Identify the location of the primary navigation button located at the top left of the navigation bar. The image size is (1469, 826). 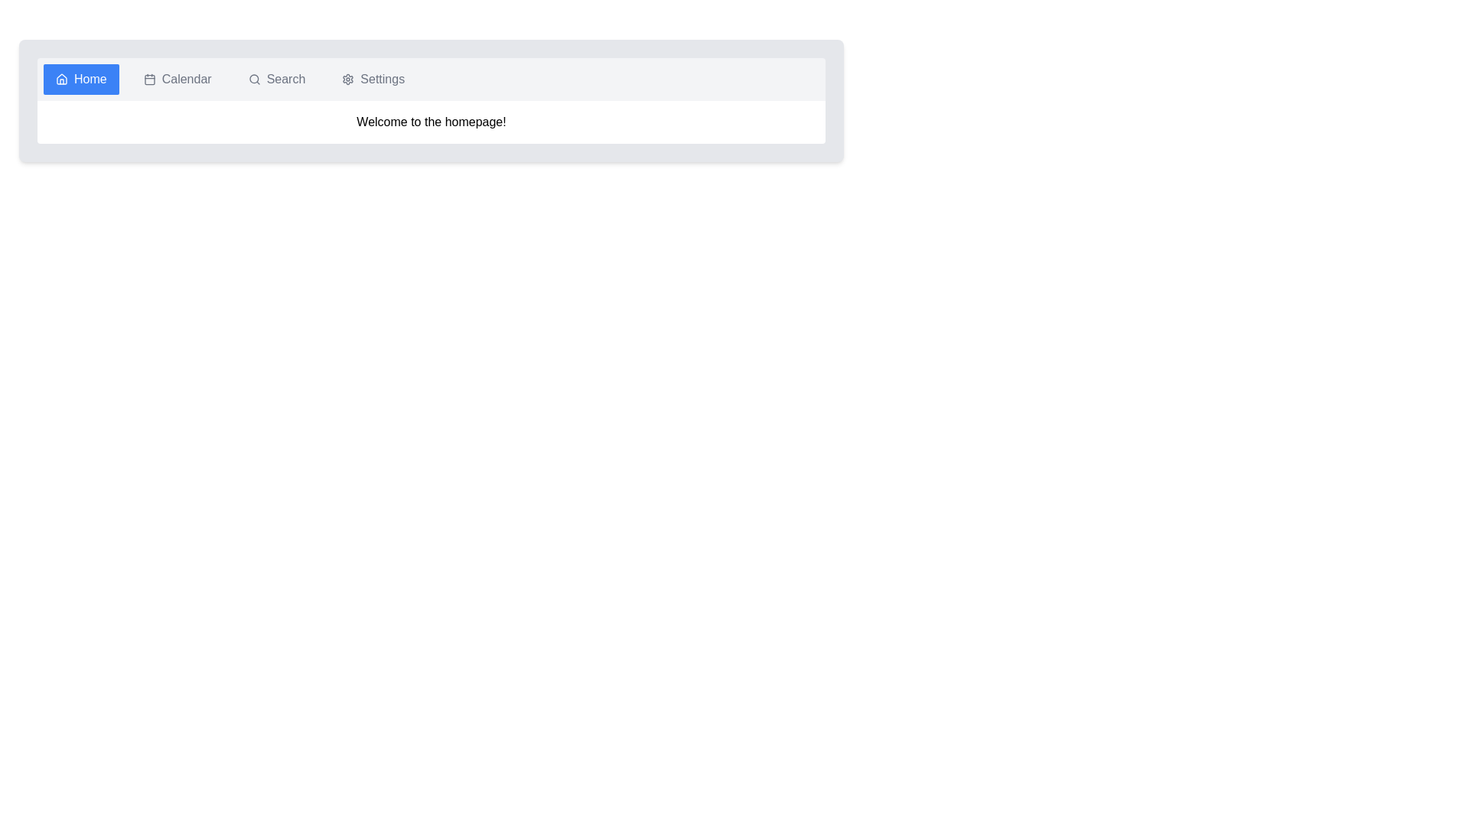
(80, 80).